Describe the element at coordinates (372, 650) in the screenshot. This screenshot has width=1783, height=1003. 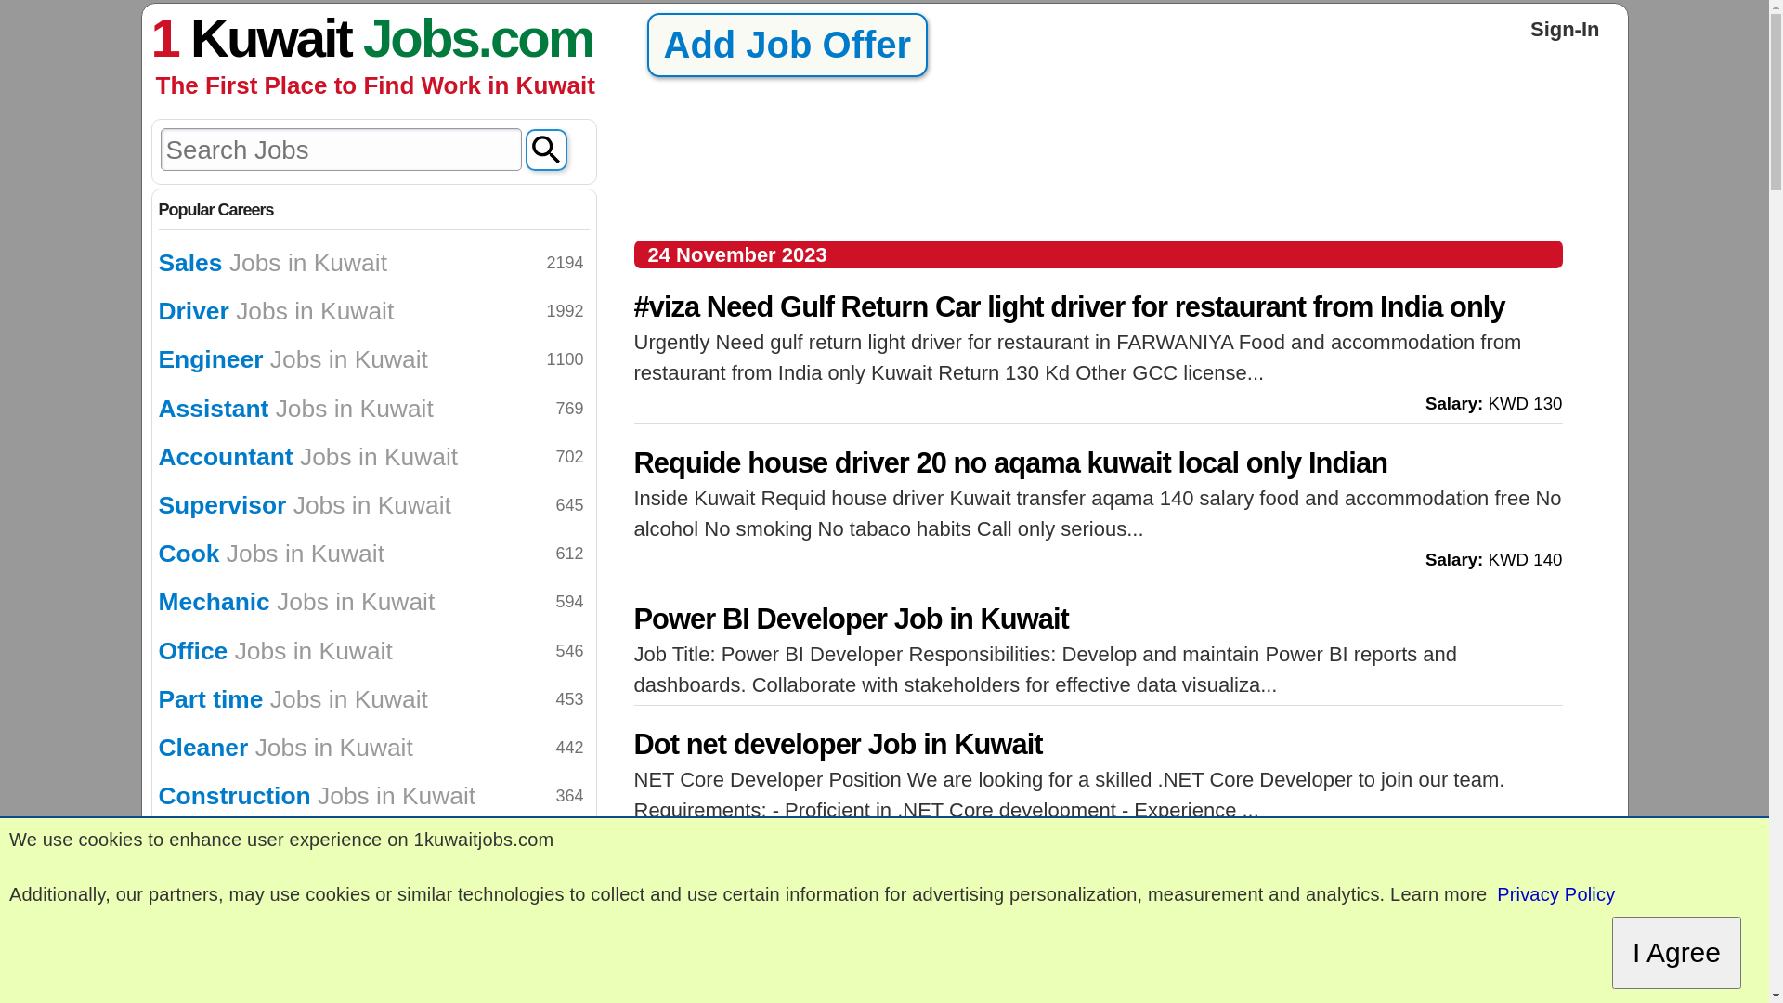
I see `'Office Jobs in Kuwait` at that location.